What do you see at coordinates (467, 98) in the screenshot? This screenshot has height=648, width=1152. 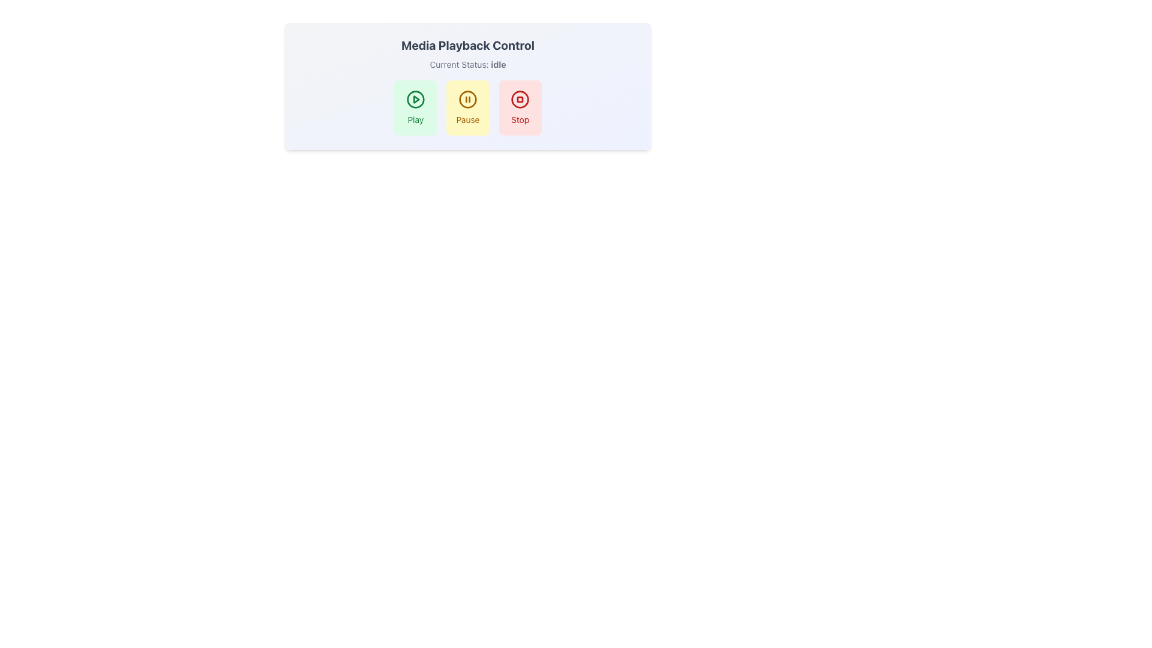 I see `the circular pause icon with a yellow background and two vertical bars in the center, located in the middle of the 'Pause' button group under 'Media Playback Control'` at bounding box center [467, 98].